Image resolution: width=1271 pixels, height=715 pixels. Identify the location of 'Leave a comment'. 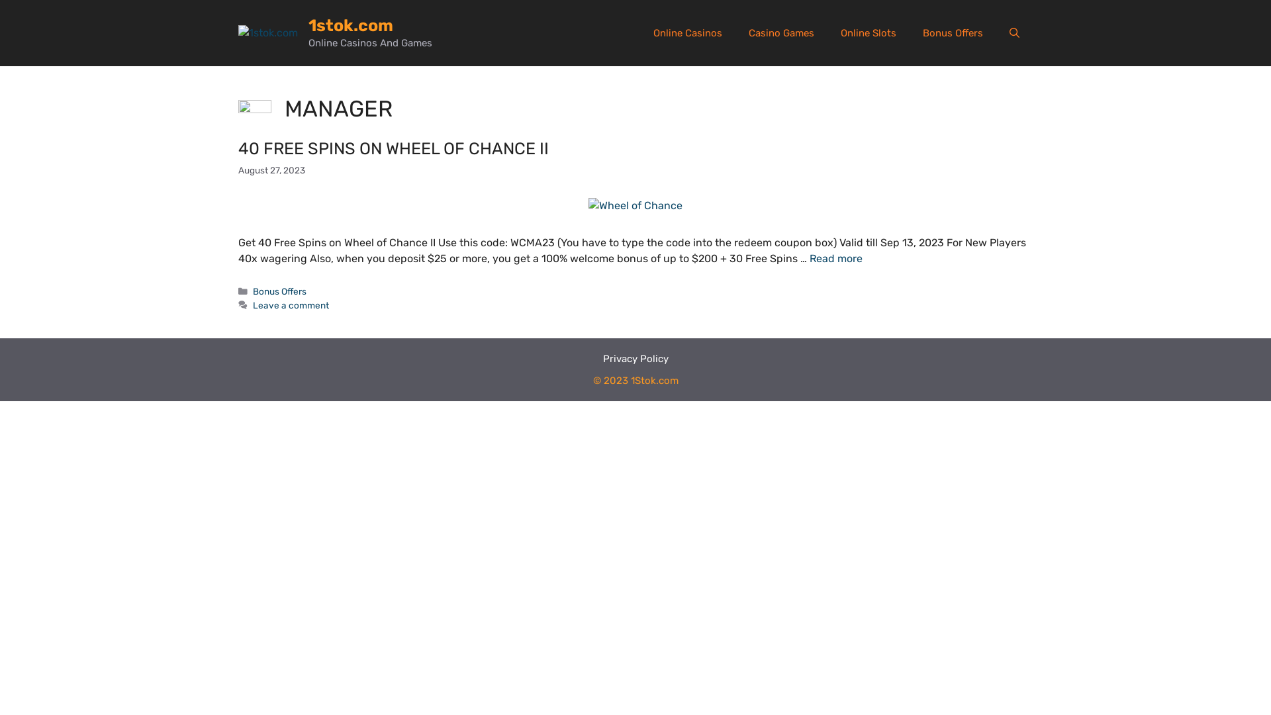
(253, 305).